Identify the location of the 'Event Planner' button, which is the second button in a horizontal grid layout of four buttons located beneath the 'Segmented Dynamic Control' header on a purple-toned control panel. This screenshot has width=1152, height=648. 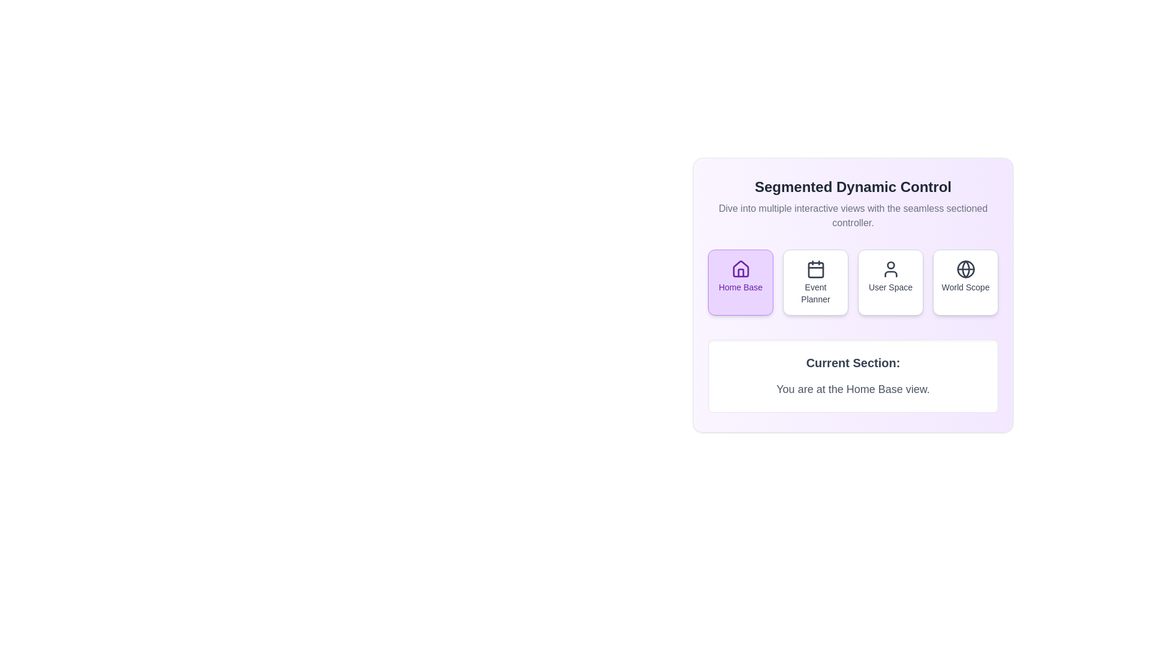
(815, 282).